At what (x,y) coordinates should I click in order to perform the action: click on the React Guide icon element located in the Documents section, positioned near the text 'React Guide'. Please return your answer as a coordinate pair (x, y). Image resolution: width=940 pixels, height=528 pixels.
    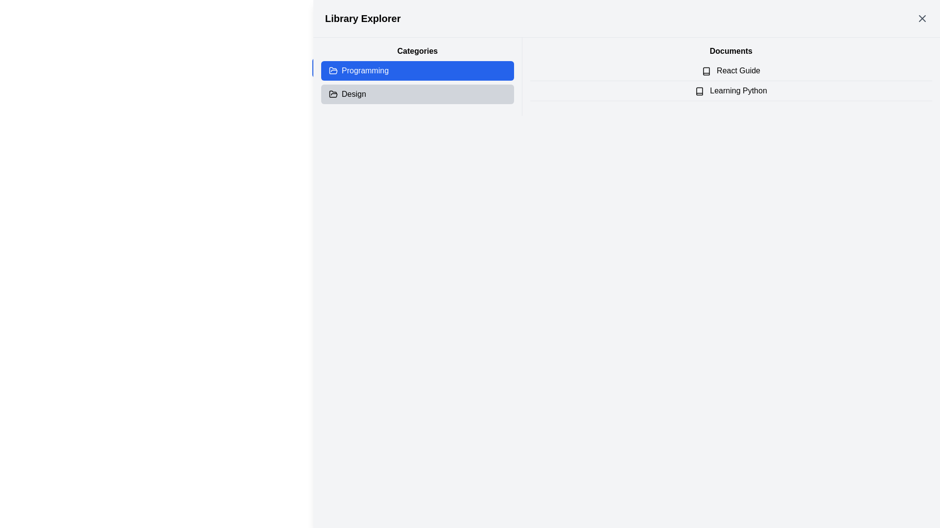
    Looking at the image, I should click on (706, 70).